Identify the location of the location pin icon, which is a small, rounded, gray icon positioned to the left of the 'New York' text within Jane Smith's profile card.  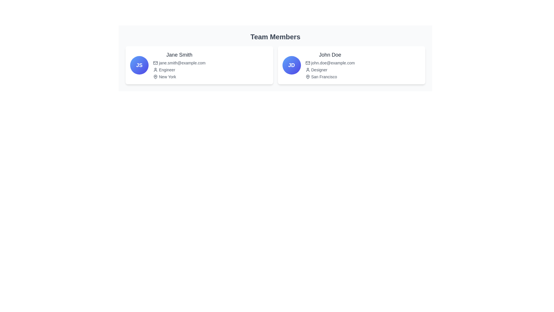
(155, 77).